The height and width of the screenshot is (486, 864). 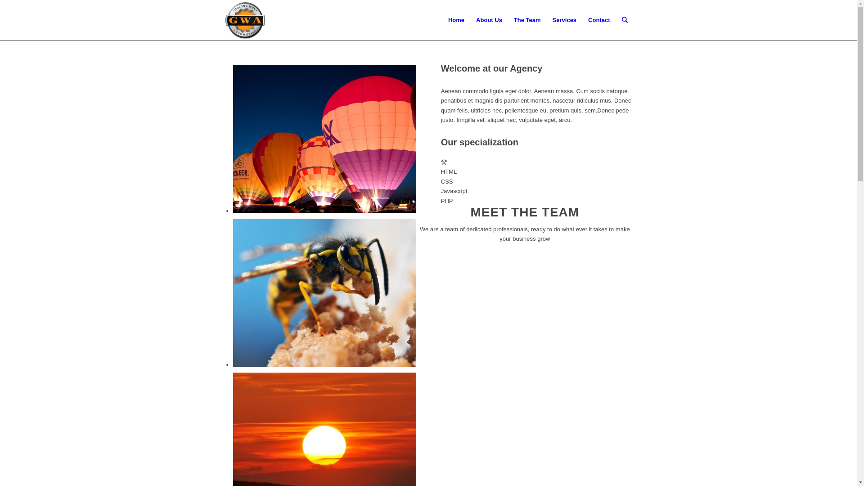 What do you see at coordinates (442, 20) in the screenshot?
I see `'Home'` at bounding box center [442, 20].